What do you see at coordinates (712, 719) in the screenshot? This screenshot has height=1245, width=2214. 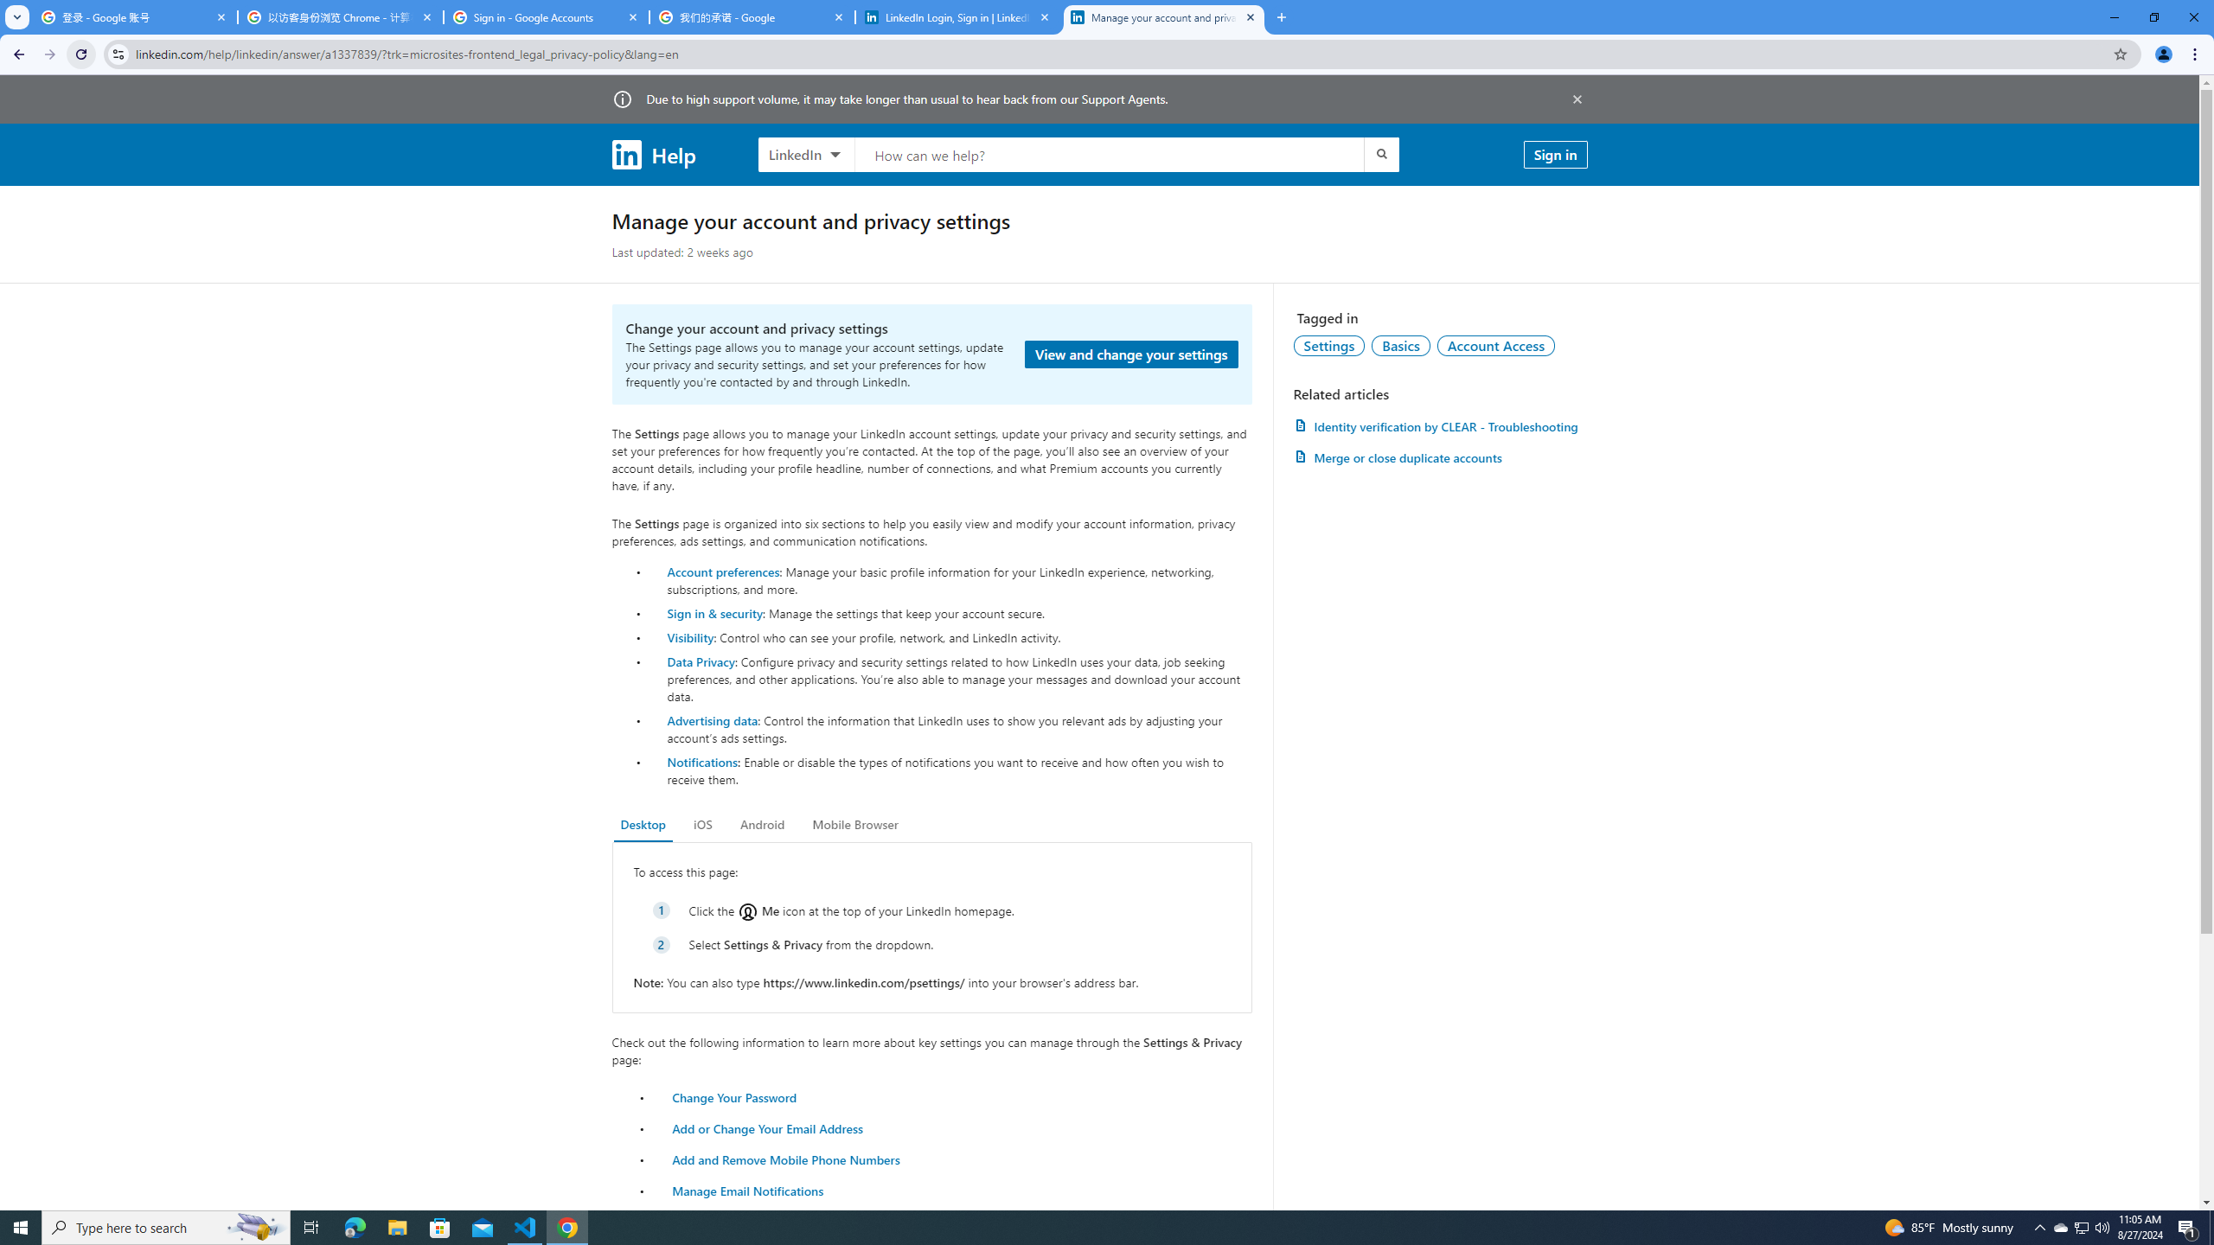 I see `'Advertising data'` at bounding box center [712, 719].